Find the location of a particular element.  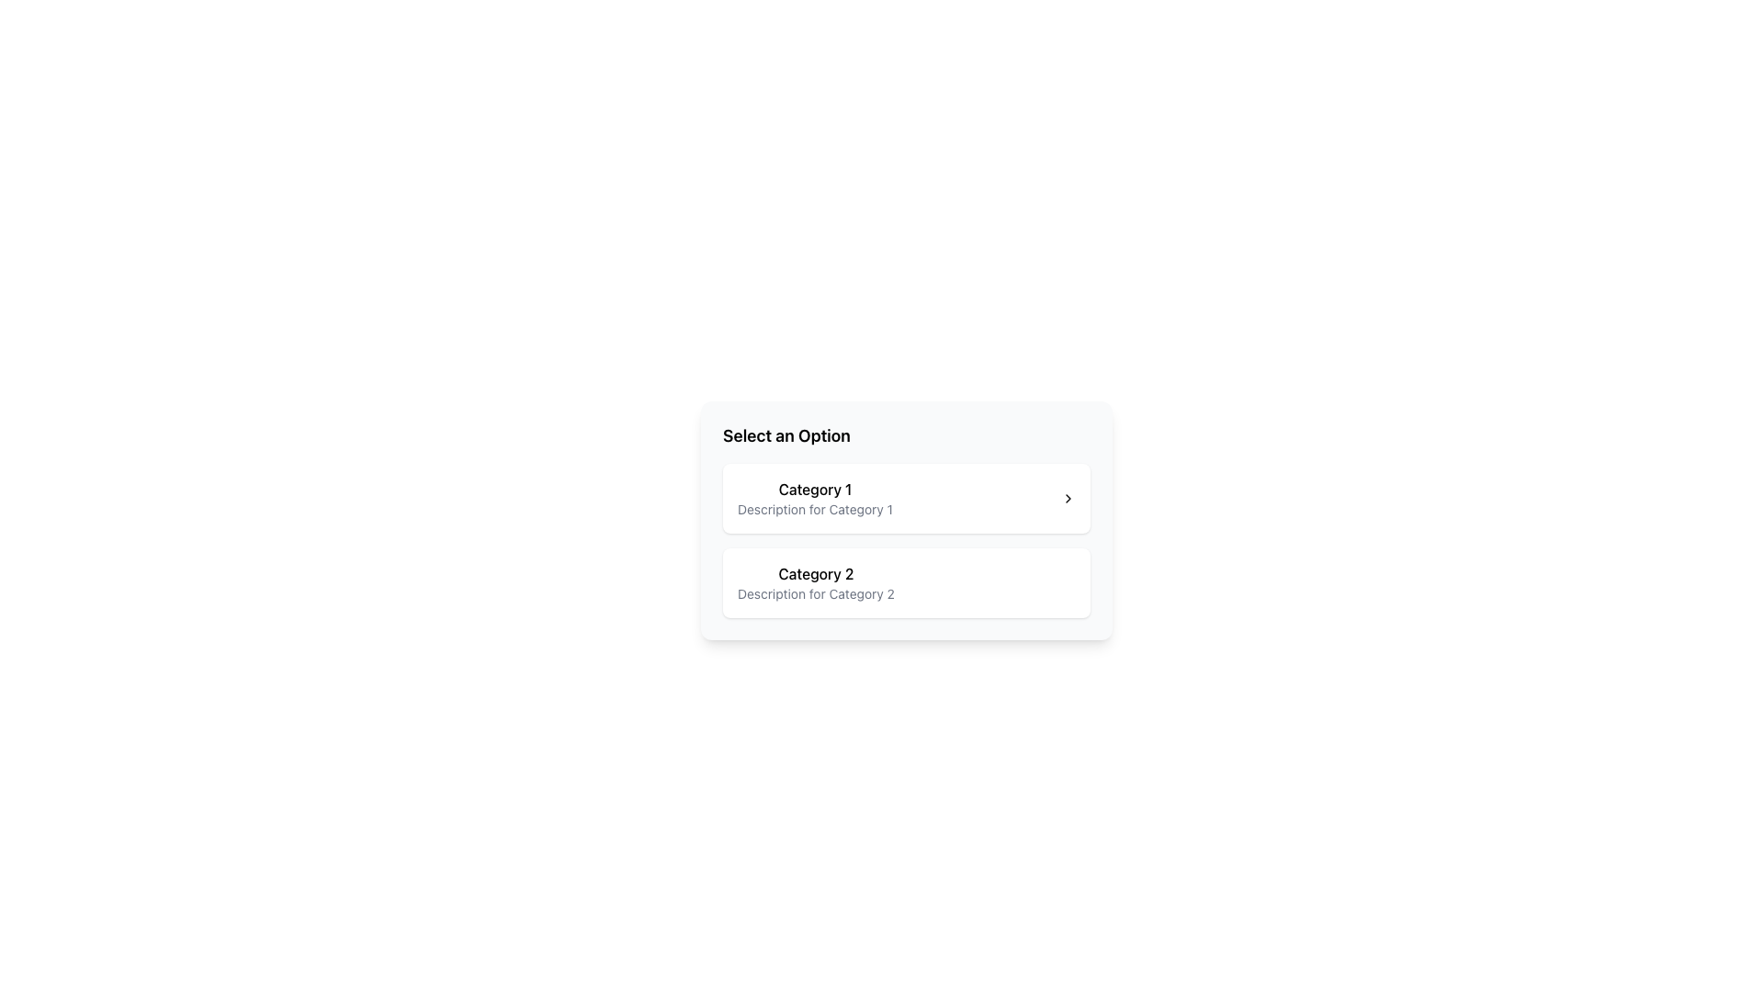

the first list item representing 'Category 1' is located at coordinates (907, 499).